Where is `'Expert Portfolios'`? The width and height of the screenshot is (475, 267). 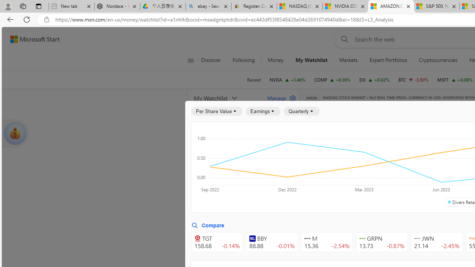
'Expert Portfolios' is located at coordinates (387, 60).